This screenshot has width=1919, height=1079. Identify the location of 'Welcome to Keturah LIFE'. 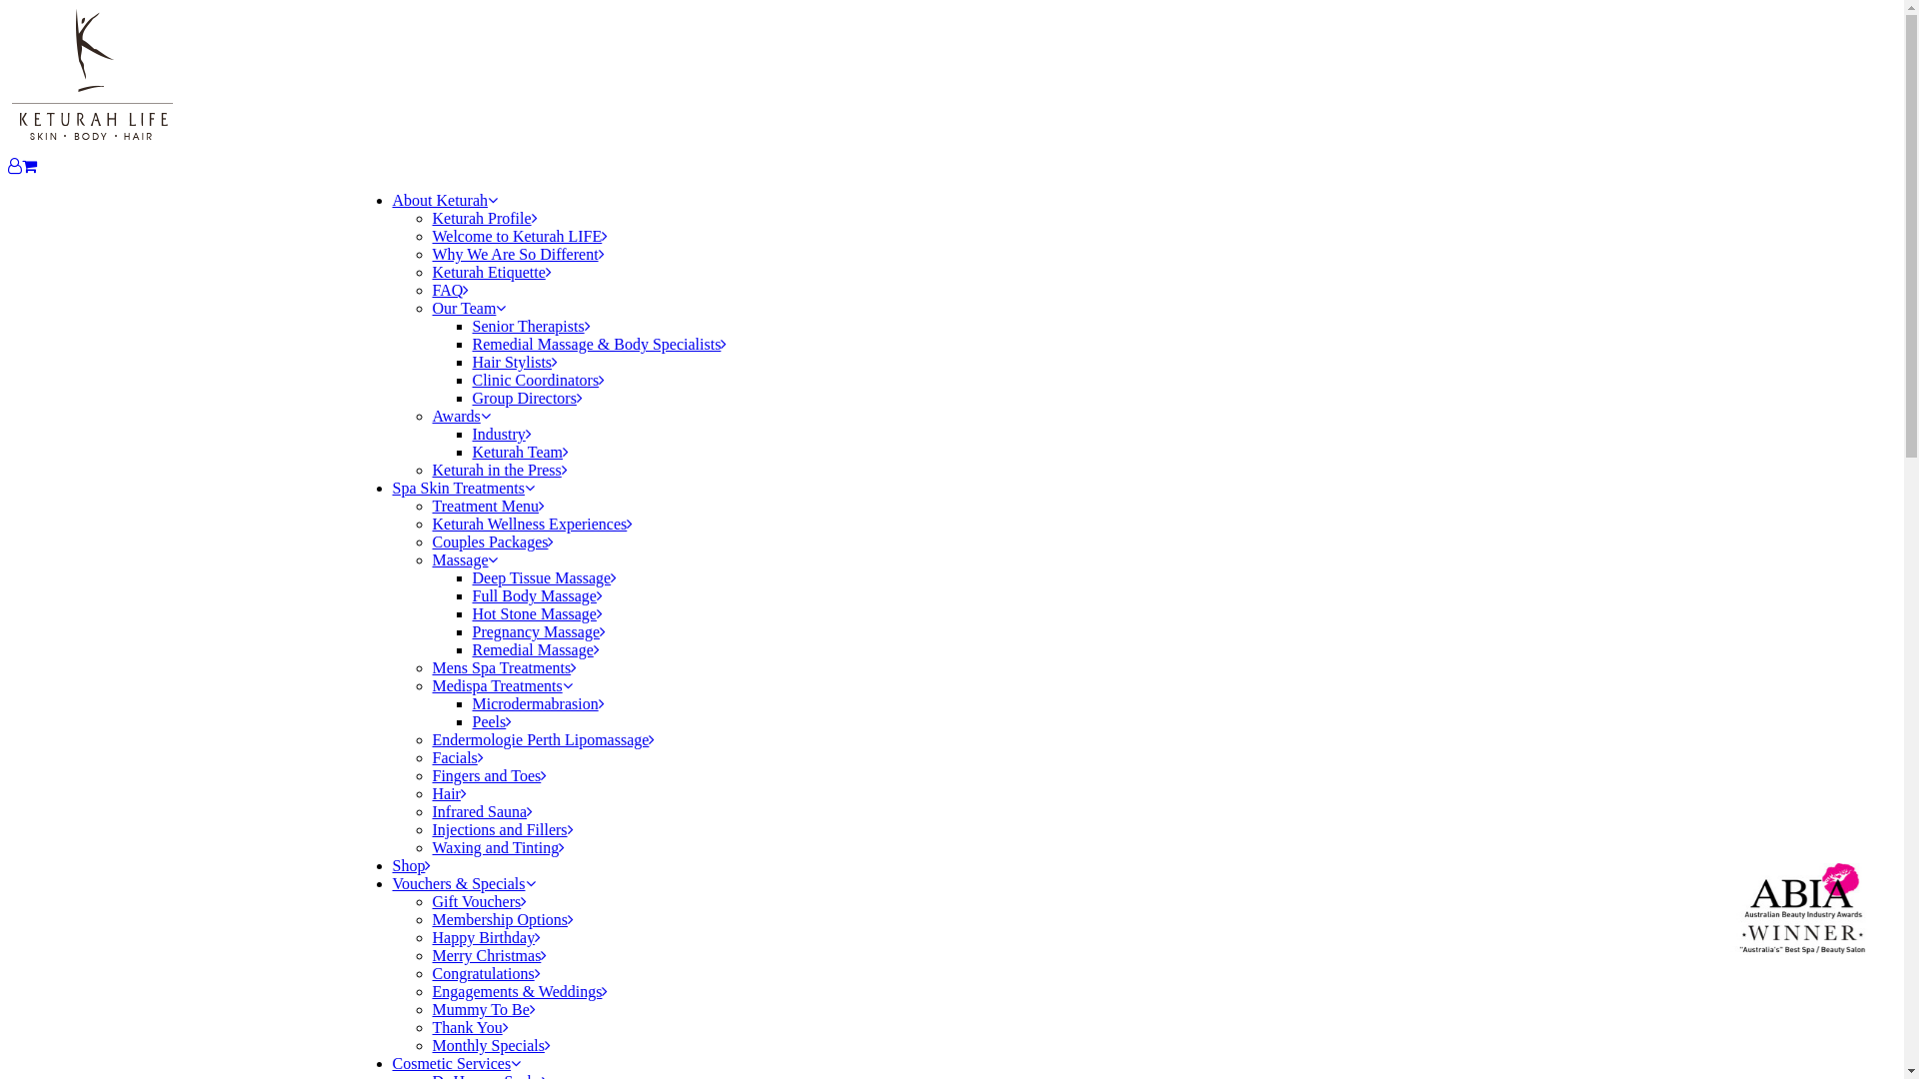
(519, 235).